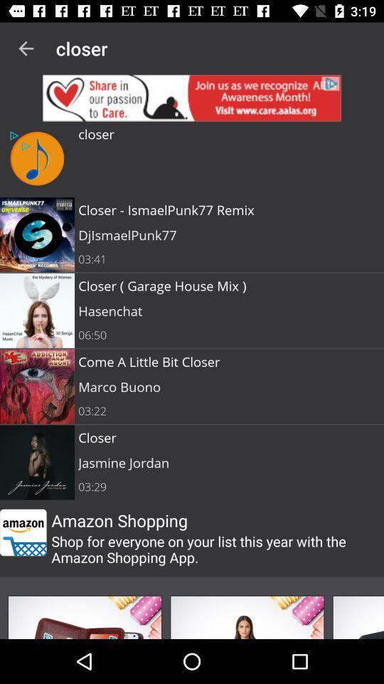 The width and height of the screenshot is (384, 684). What do you see at coordinates (192, 97) in the screenshot?
I see `advertisement` at bounding box center [192, 97].